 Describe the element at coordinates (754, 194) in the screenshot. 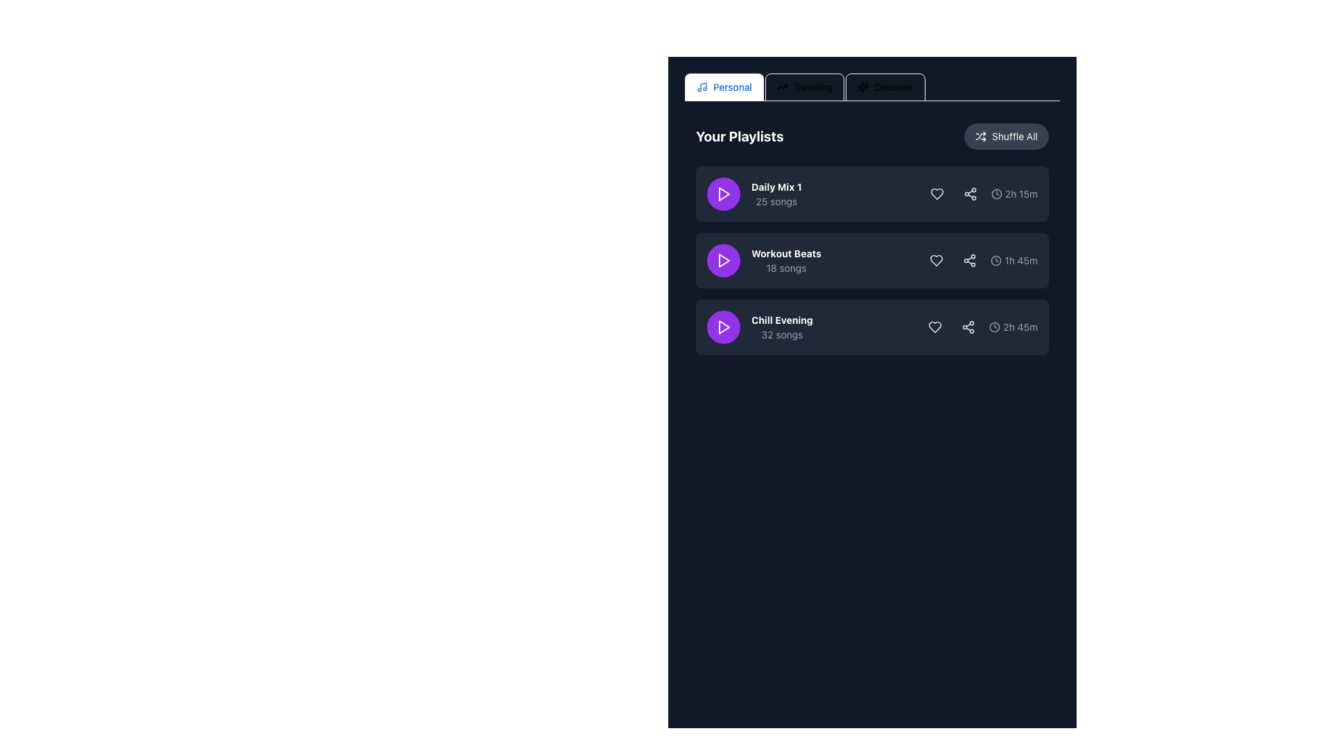

I see `text label for the playlist titled 'Daily Mix 1' which shows '25 songs' next to the purple button in the first row under 'Your Playlists'` at that location.